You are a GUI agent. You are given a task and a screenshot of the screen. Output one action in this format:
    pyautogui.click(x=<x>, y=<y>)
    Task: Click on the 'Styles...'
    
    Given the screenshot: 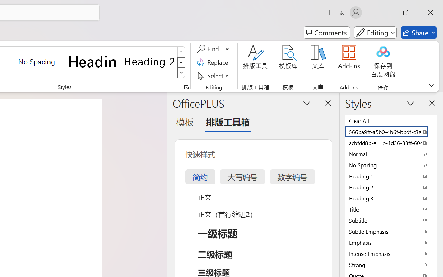 What is the action you would take?
    pyautogui.click(x=186, y=87)
    